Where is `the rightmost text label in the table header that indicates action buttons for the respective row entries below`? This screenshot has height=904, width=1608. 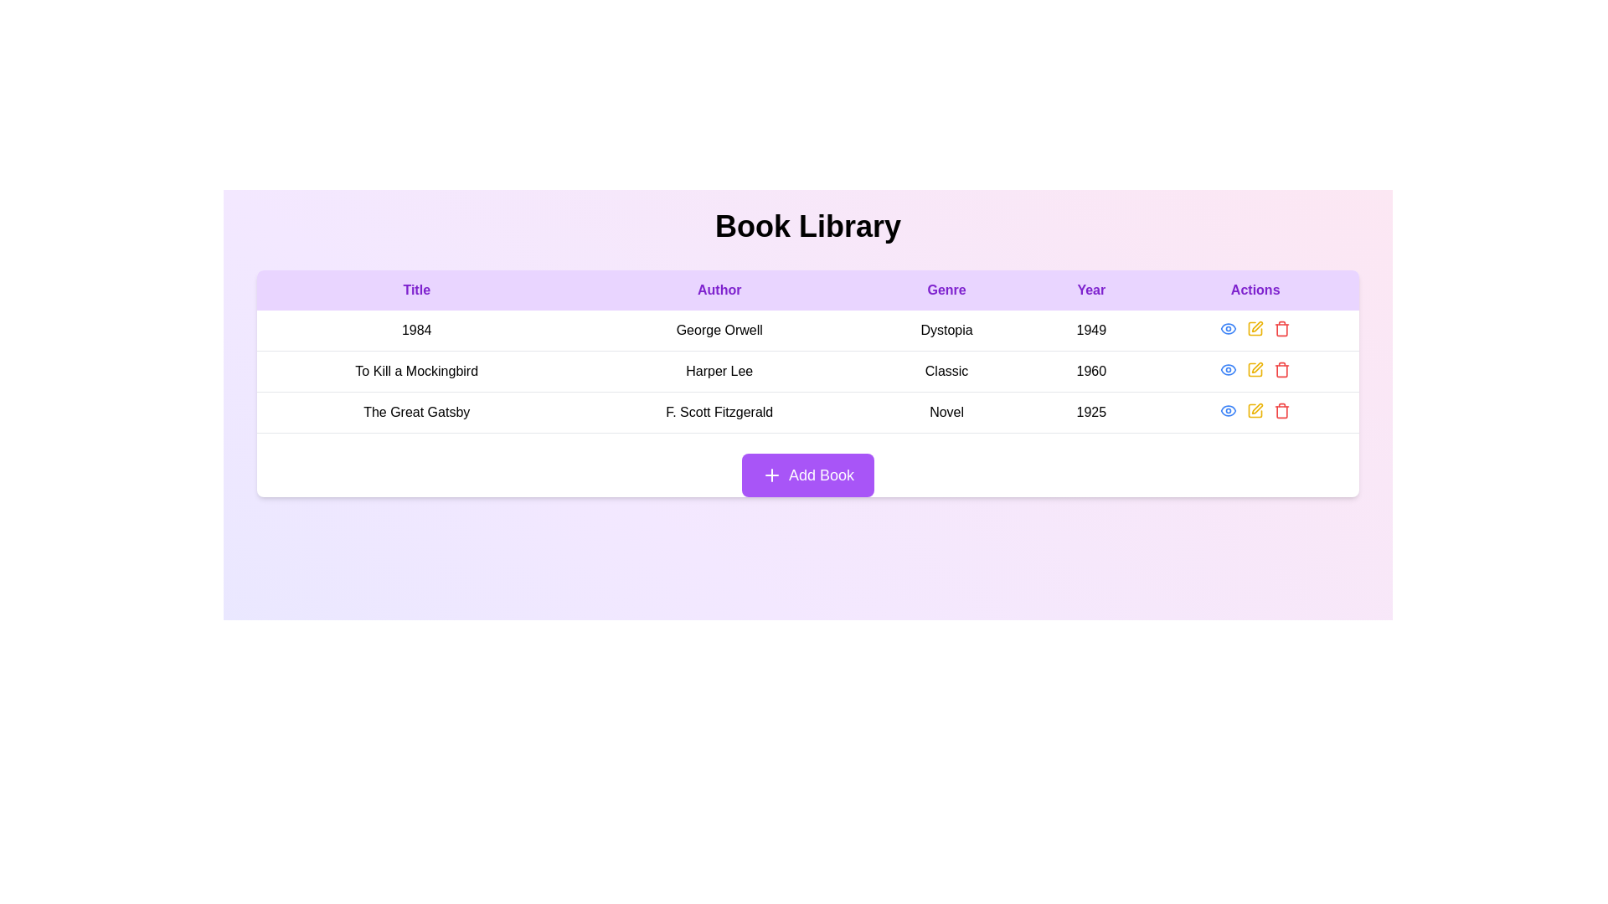
the rightmost text label in the table header that indicates action buttons for the respective row entries below is located at coordinates (1255, 290).